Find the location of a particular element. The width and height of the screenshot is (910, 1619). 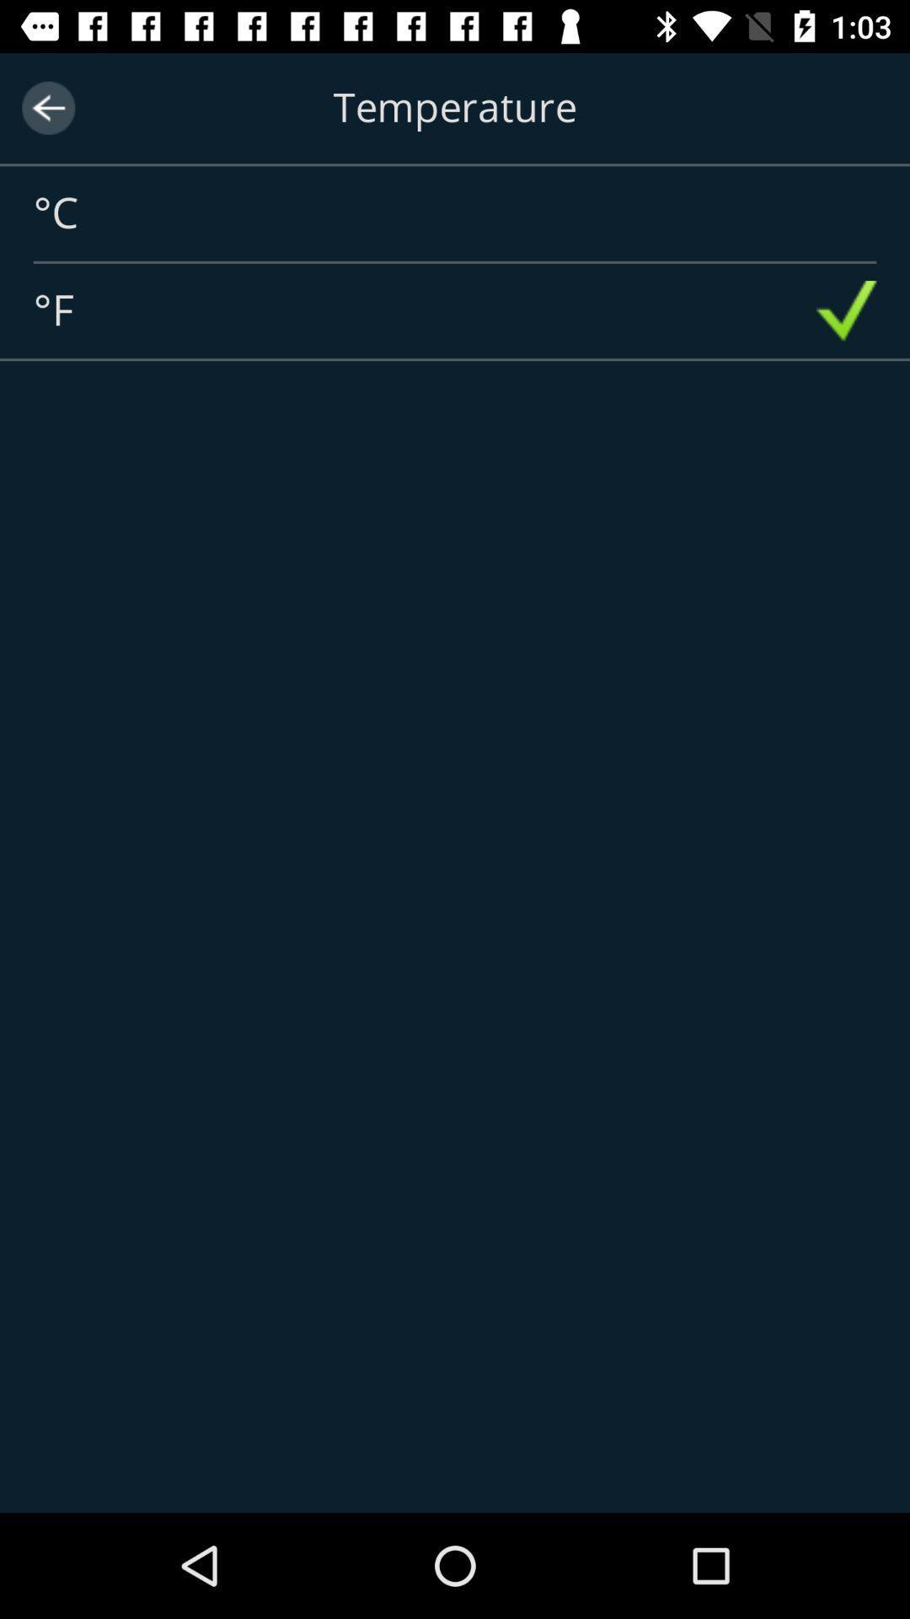

the arrow_backward icon is located at coordinates (47, 107).